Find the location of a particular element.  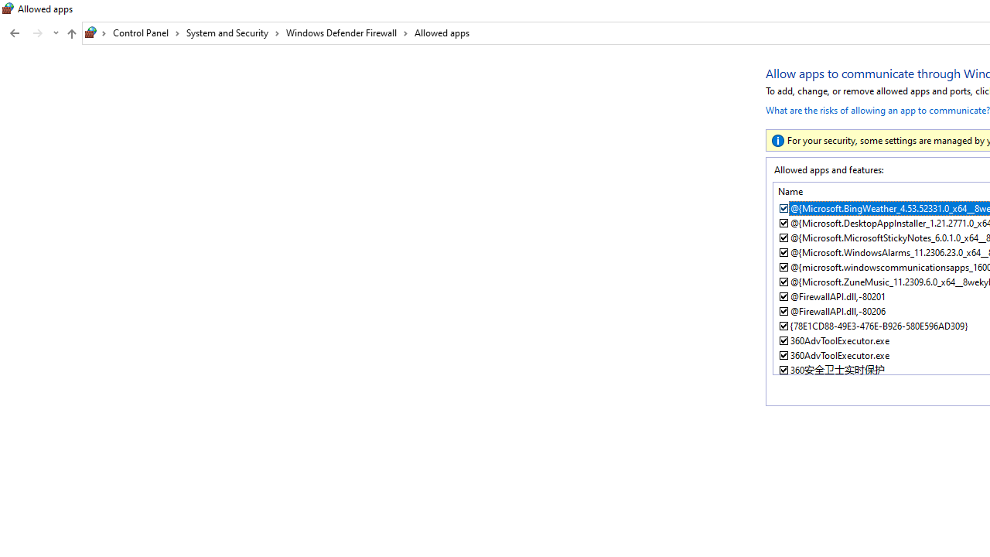

'What are the risks of allowing an app to communicate?' is located at coordinates (877, 108).